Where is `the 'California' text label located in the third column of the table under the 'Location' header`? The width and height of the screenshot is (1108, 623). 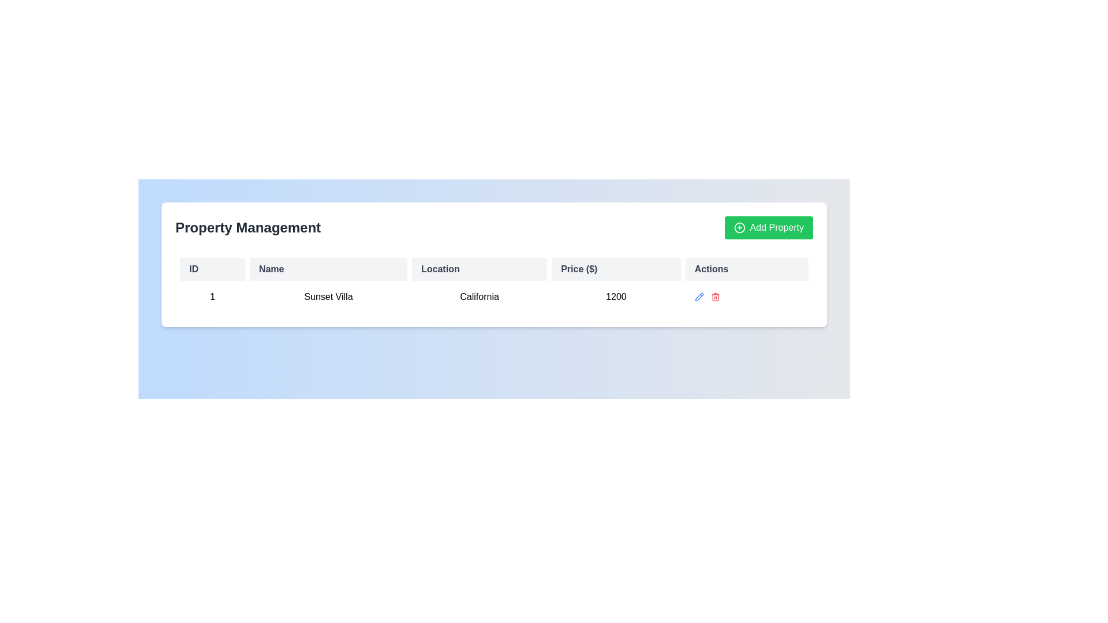 the 'California' text label located in the third column of the table under the 'Location' header is located at coordinates (480, 297).